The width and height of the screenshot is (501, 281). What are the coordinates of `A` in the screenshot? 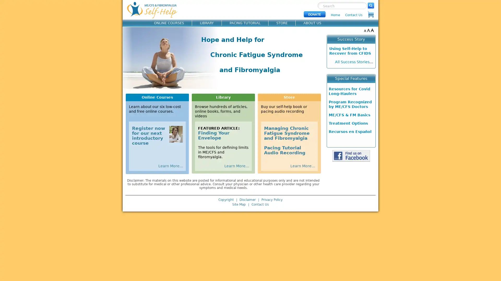 It's located at (372, 30).